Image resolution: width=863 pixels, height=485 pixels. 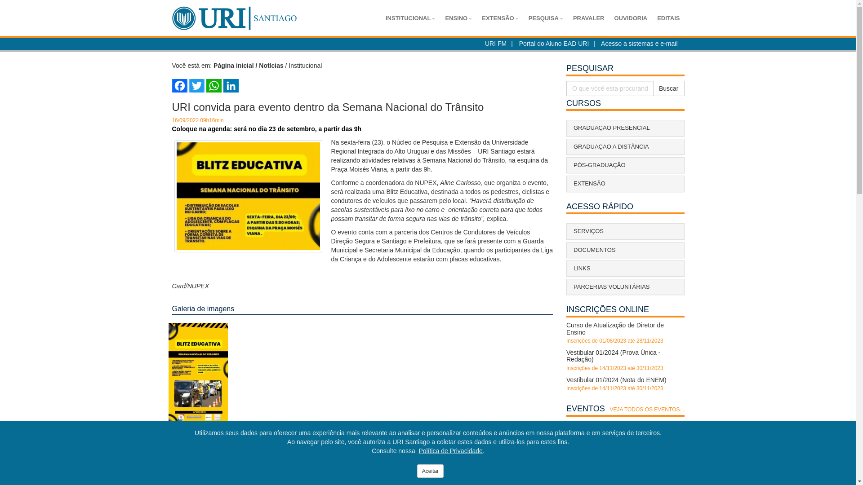 What do you see at coordinates (669, 88) in the screenshot?
I see `'Buscar'` at bounding box center [669, 88].